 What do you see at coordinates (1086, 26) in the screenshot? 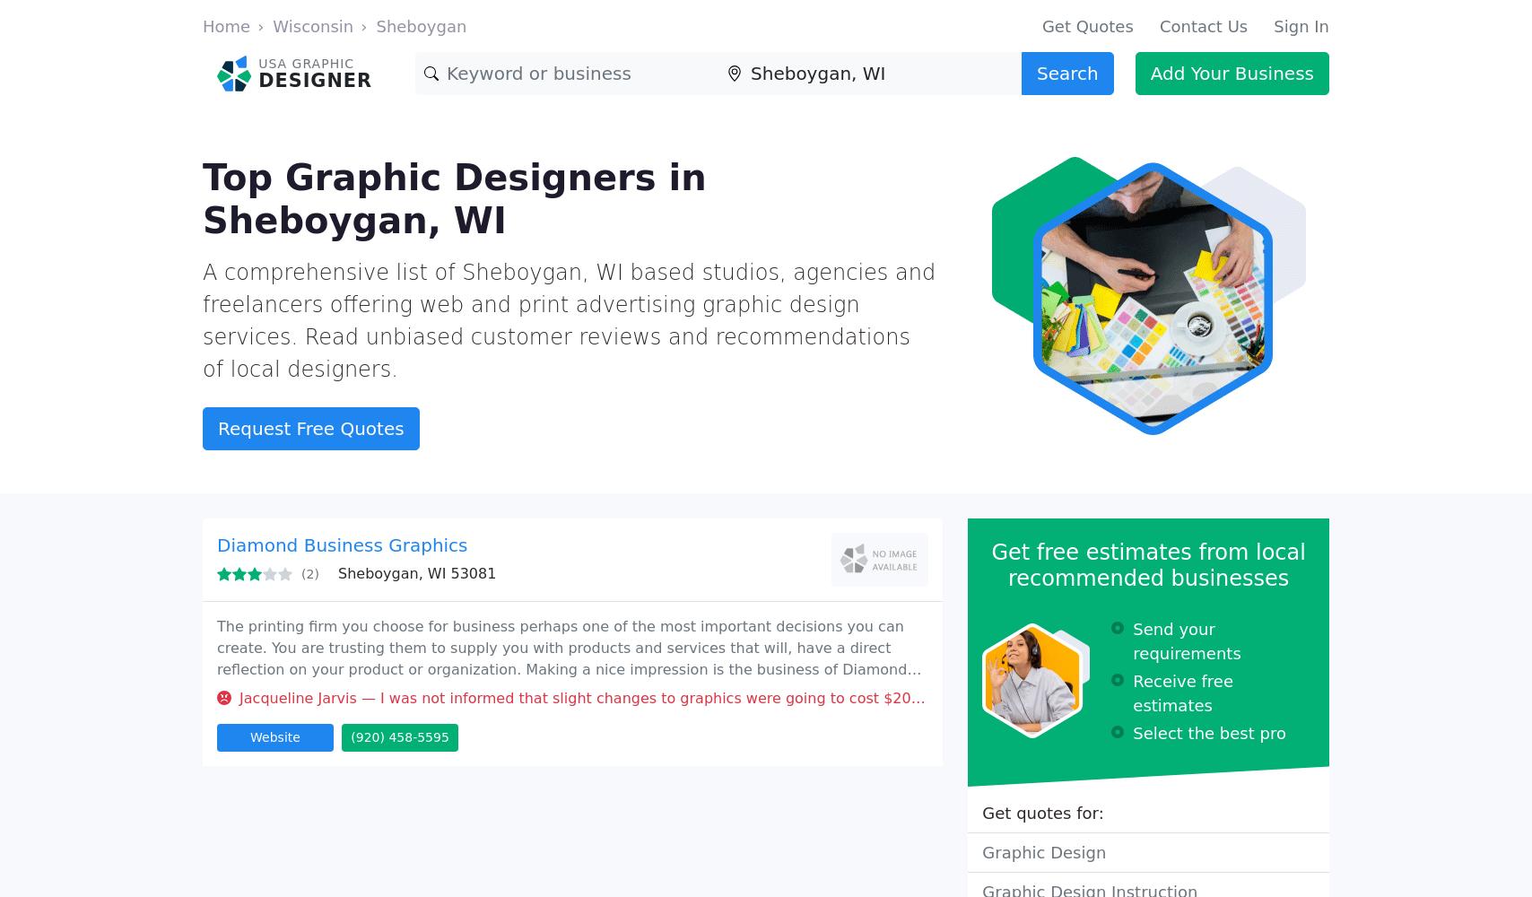
I see `'Get Quotes'` at bounding box center [1086, 26].